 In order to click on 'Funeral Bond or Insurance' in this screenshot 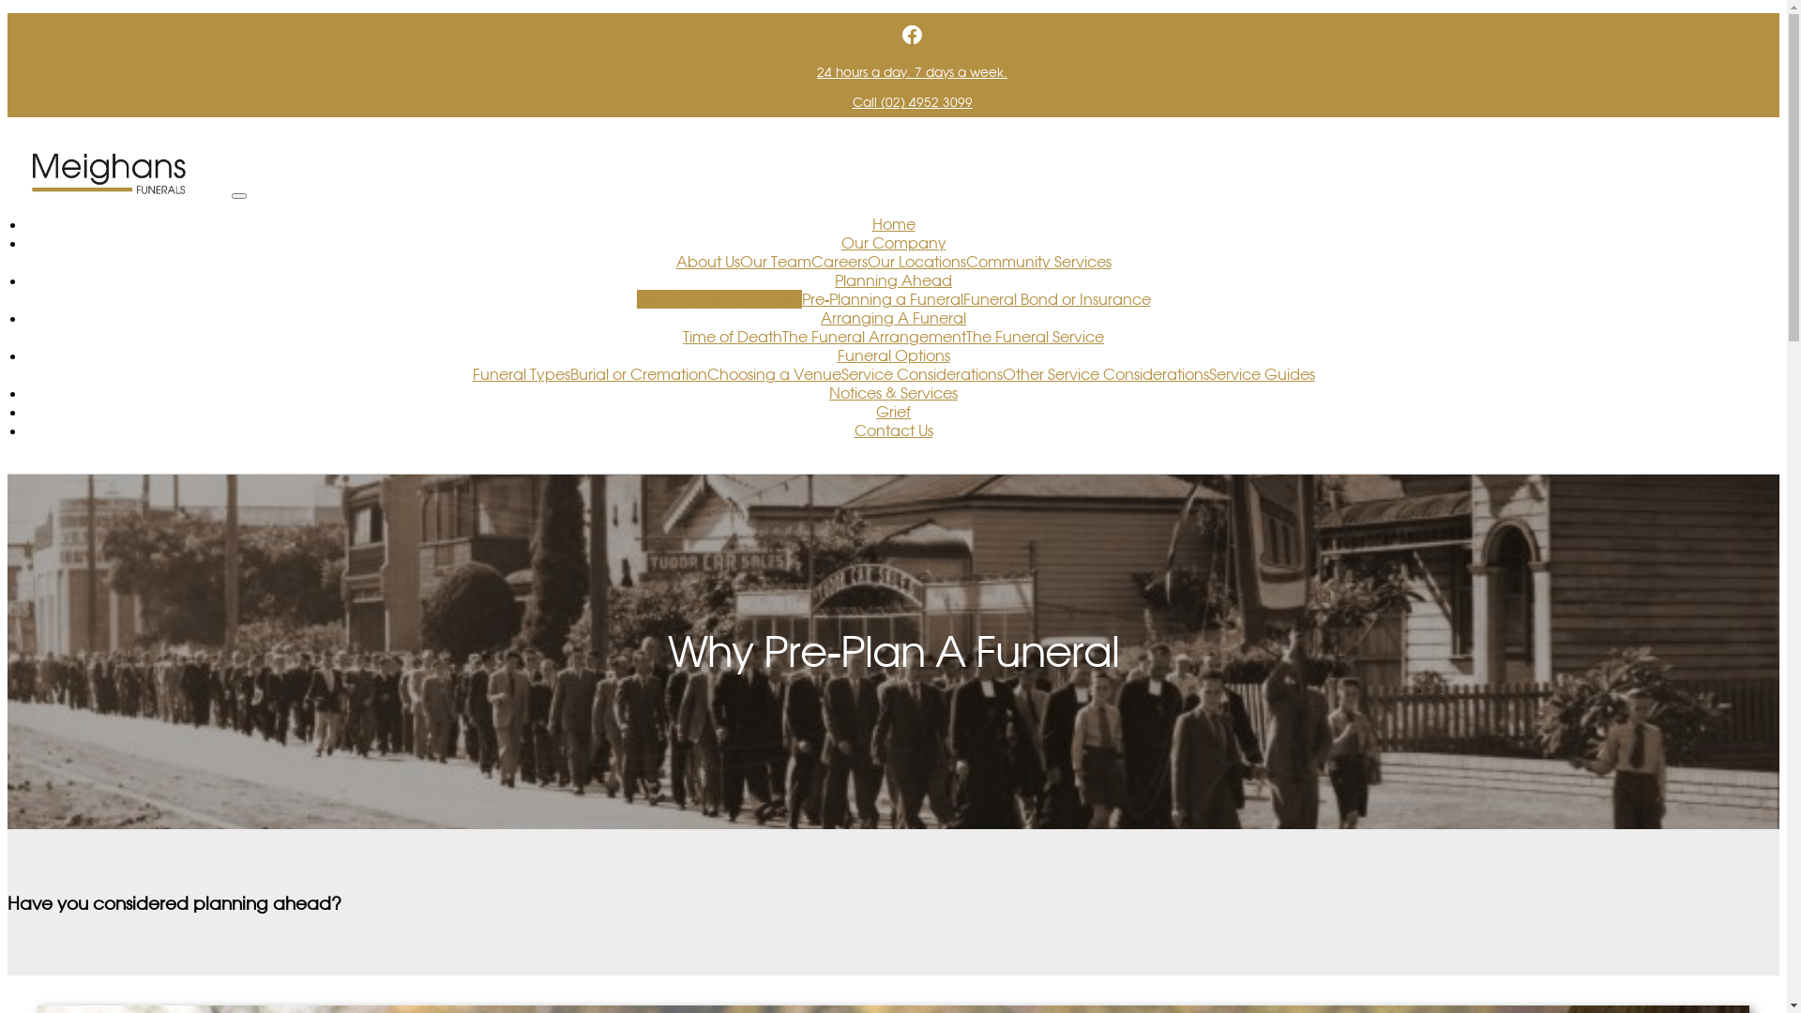, I will do `click(1056, 298)`.